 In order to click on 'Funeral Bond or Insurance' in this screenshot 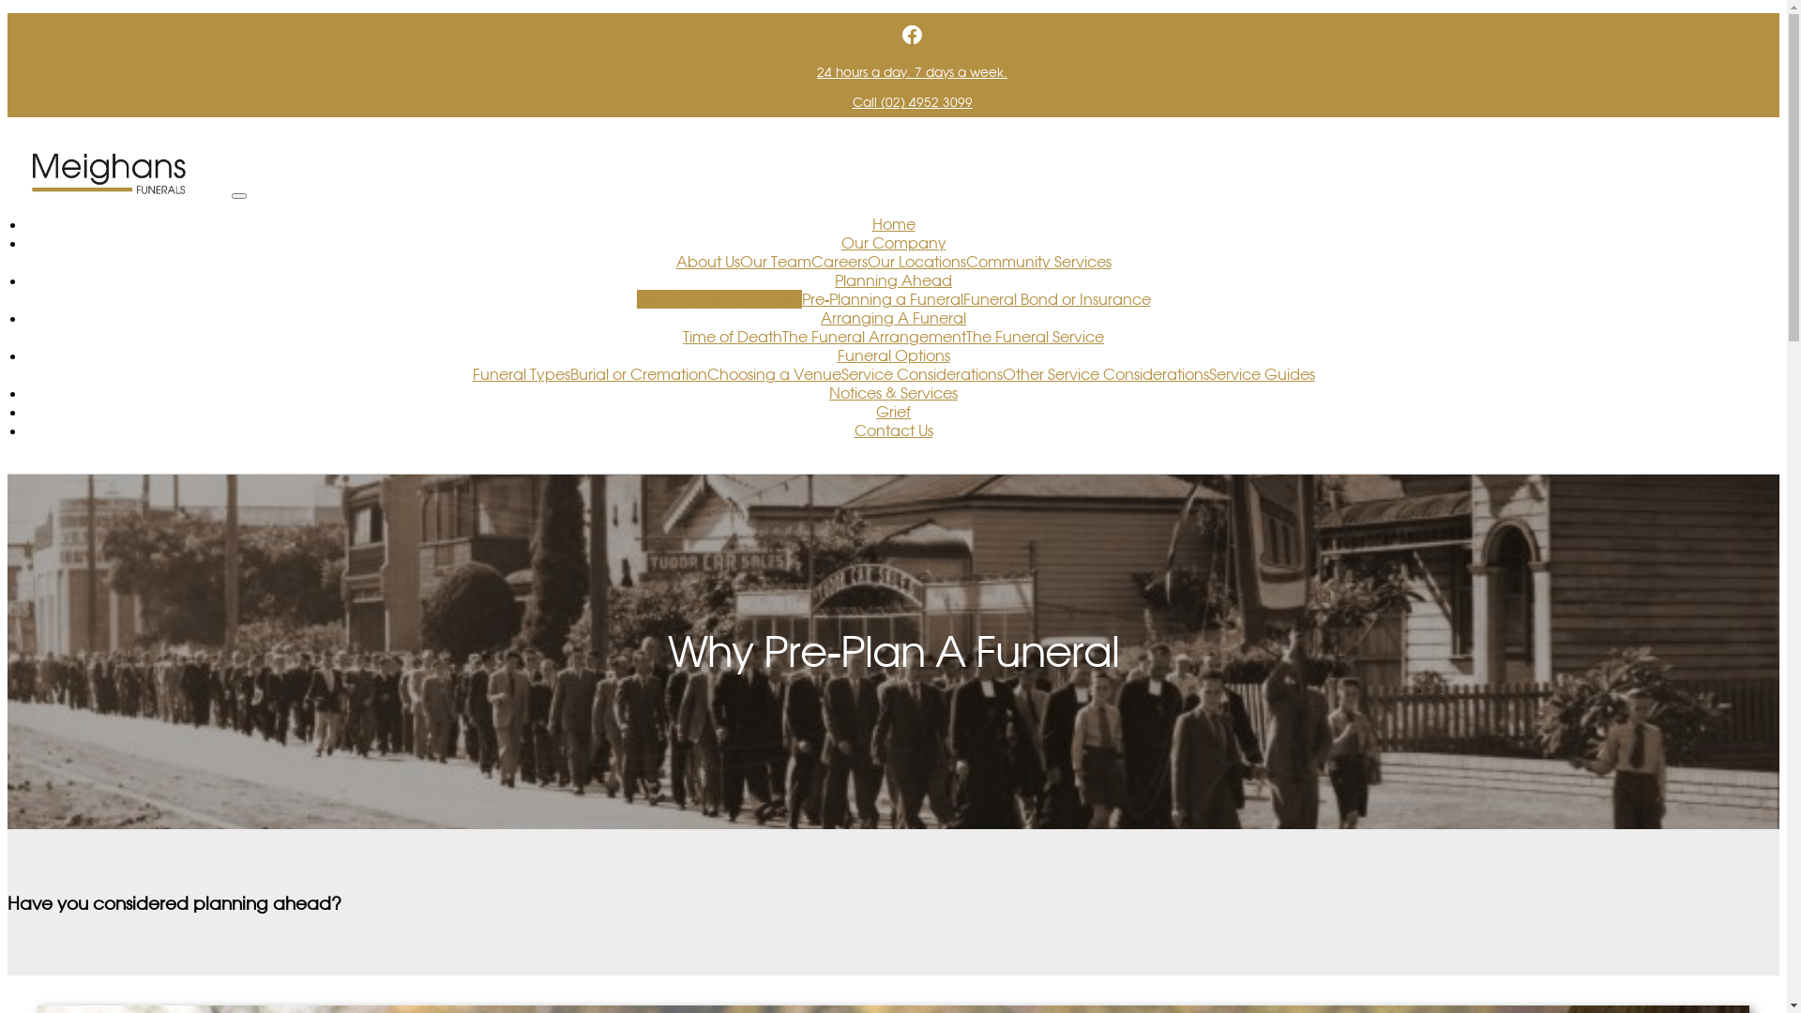, I will do `click(1056, 298)`.